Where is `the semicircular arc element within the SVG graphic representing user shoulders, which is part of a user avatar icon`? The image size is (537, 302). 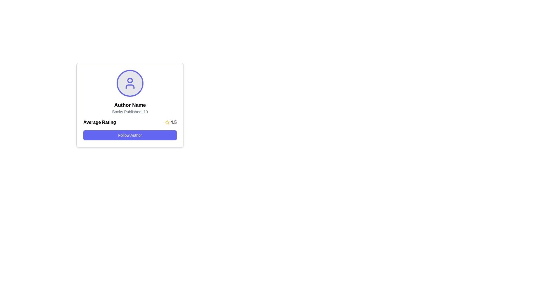
the semicircular arc element within the SVG graphic representing user shoulders, which is part of a user avatar icon is located at coordinates (130, 86).